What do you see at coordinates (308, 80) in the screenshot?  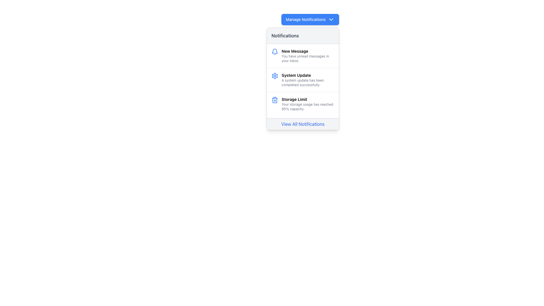 I see `the second notification block in the sidebar that informs the user about a completed system update` at bounding box center [308, 80].